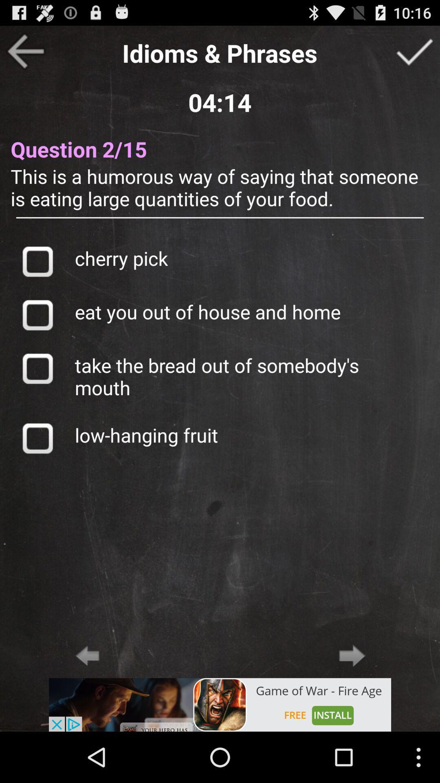 The height and width of the screenshot is (783, 440). What do you see at coordinates (37, 368) in the screenshot?
I see `the third check box` at bounding box center [37, 368].